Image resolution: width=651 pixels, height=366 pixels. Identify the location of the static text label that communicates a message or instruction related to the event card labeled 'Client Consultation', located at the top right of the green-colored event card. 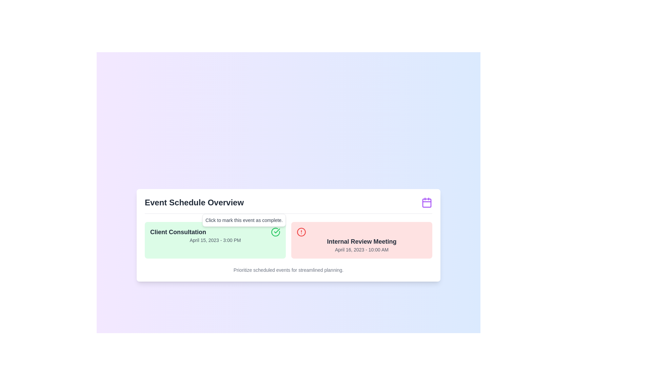
(244, 220).